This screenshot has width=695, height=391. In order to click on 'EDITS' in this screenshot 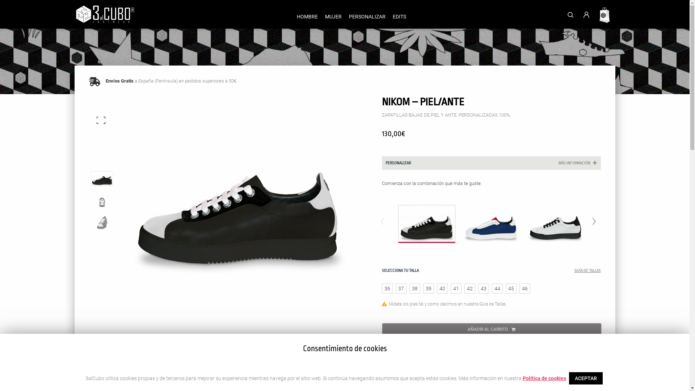, I will do `click(399, 16)`.